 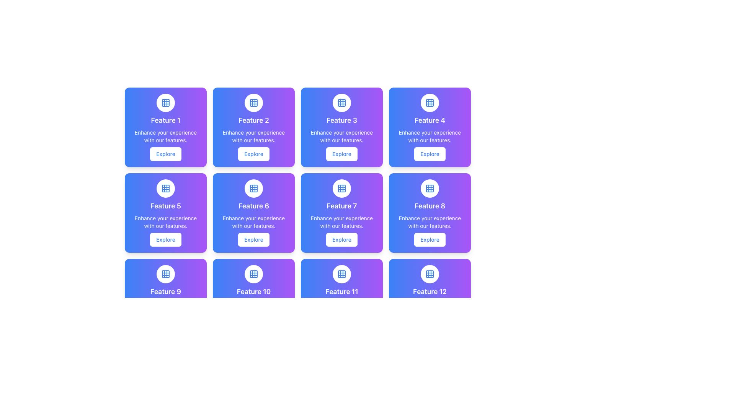 I want to click on text label providing a descriptive statement within the 'Feature 2' card, located below the title and above the 'Explore' button, so click(x=253, y=136).